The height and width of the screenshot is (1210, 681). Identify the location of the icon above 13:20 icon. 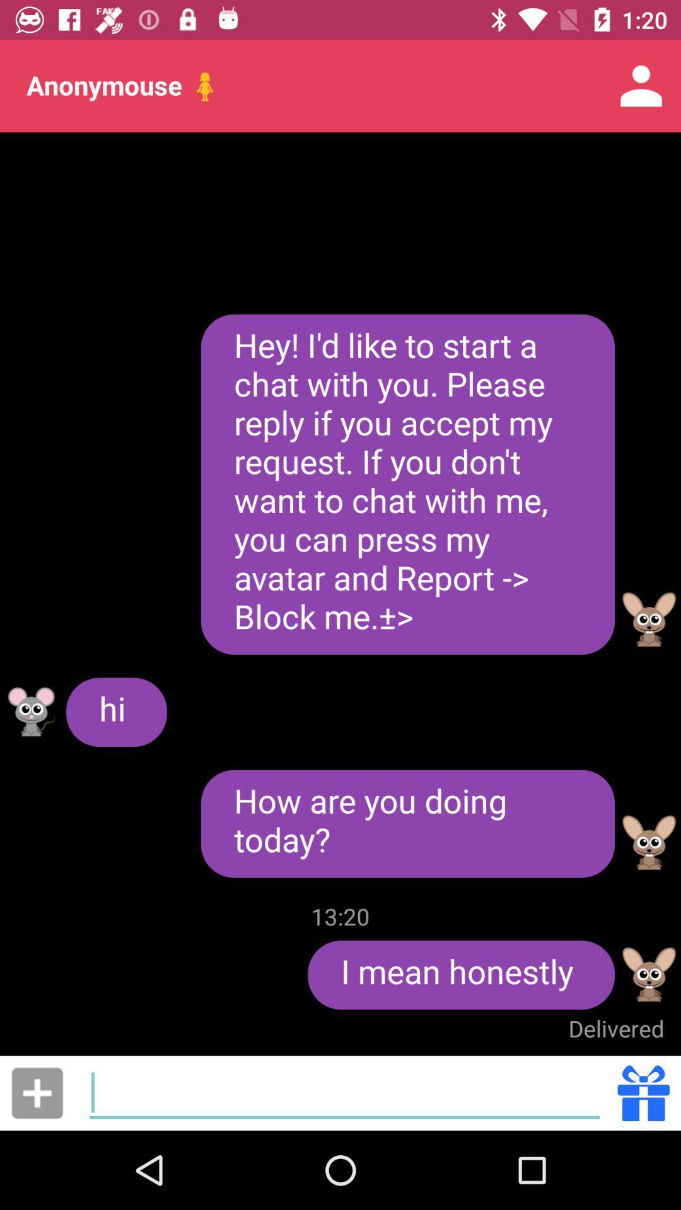
(407, 824).